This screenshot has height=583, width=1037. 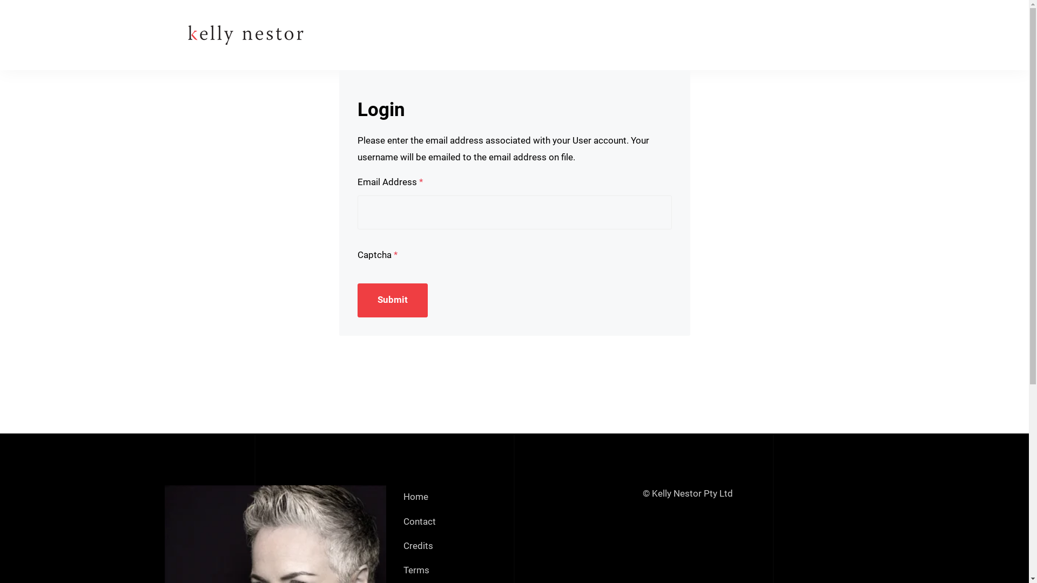 I want to click on 'Kelly Nestor - Presenter and Teacher', so click(x=163, y=34).